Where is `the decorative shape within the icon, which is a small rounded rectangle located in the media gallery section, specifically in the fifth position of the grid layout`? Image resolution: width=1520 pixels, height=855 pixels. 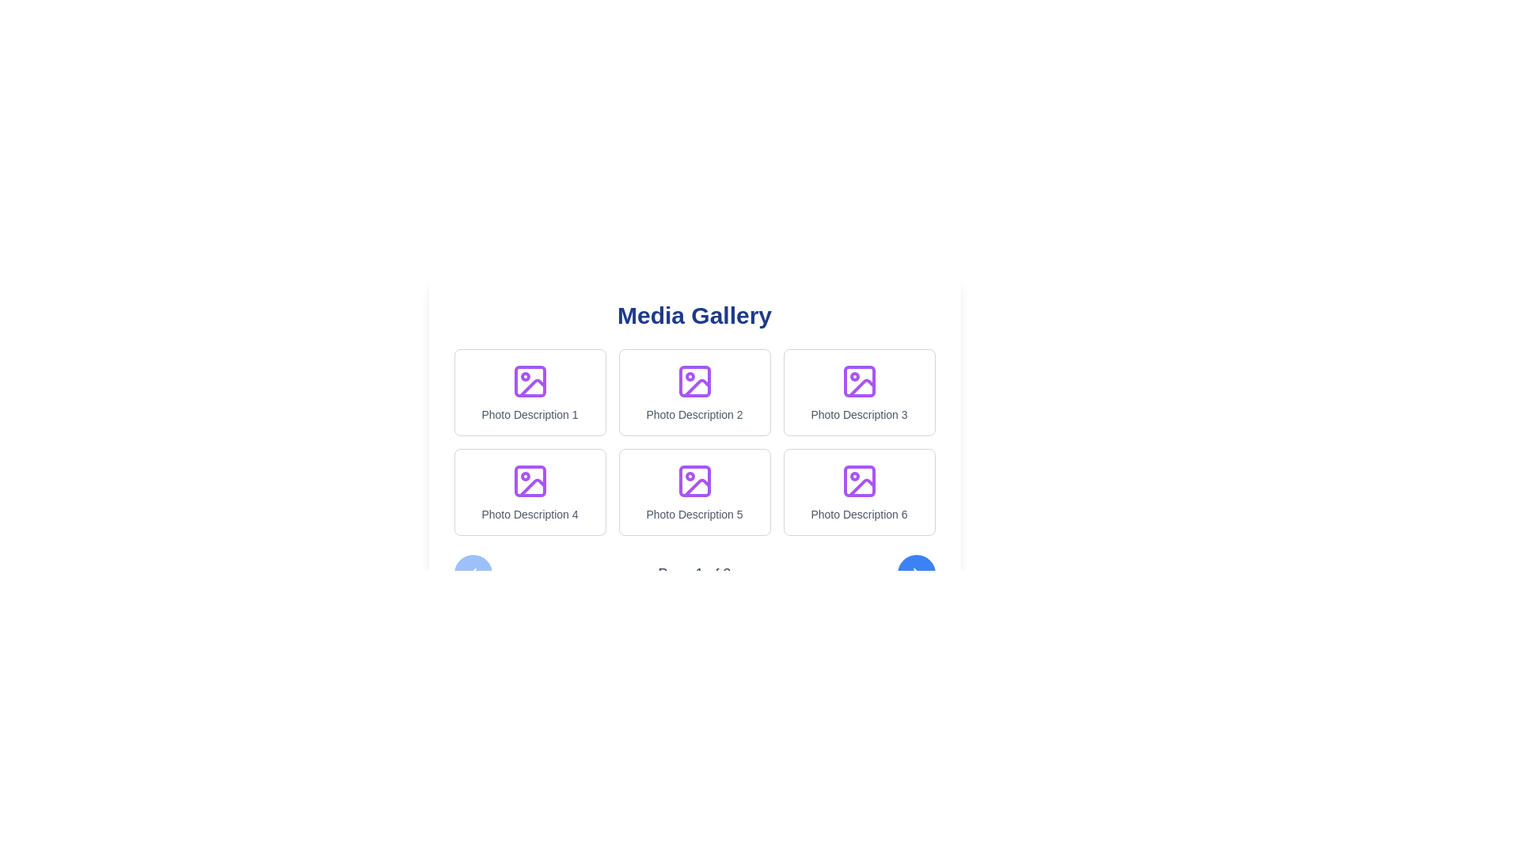
the decorative shape within the icon, which is a small rounded rectangle located in the media gallery section, specifically in the fifth position of the grid layout is located at coordinates (694, 481).